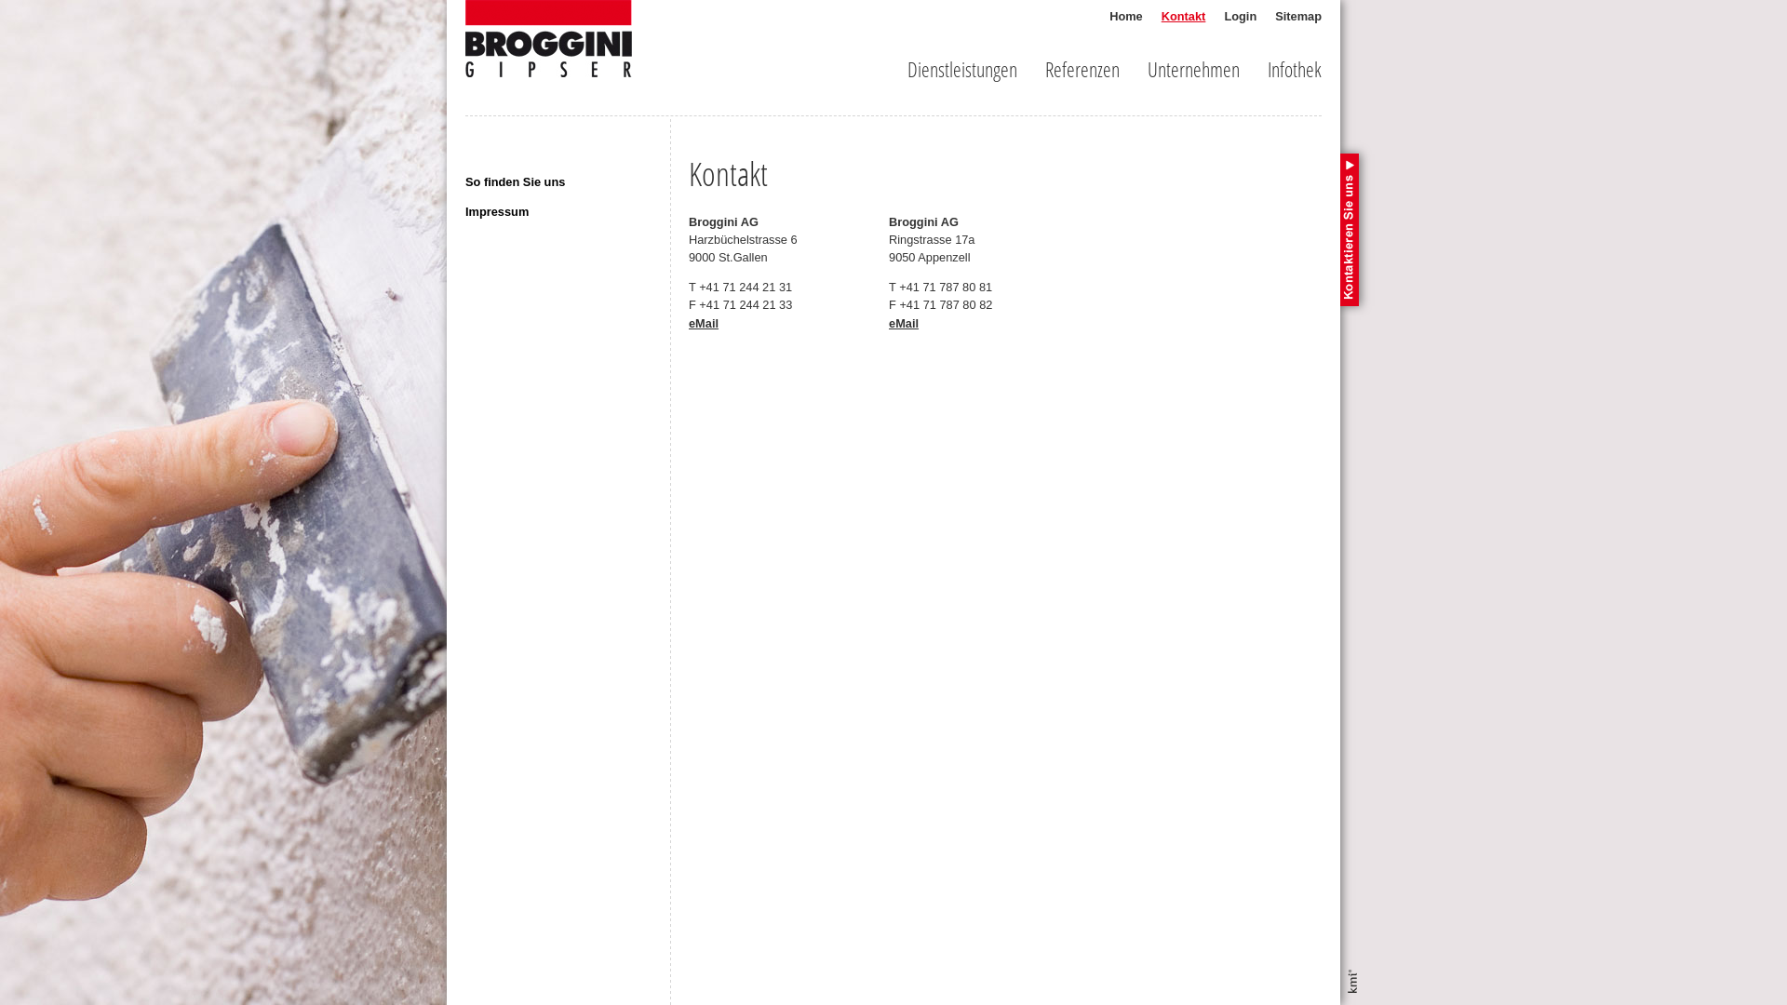  What do you see at coordinates (1297, 16) in the screenshot?
I see `'Sitemap'` at bounding box center [1297, 16].